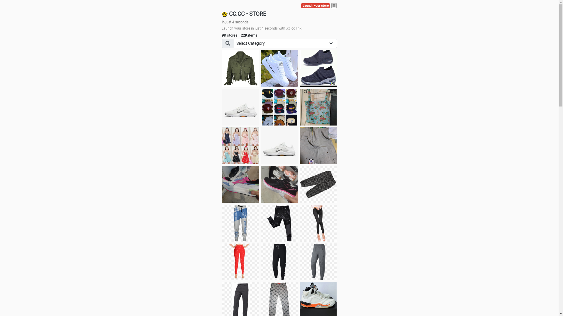 The width and height of the screenshot is (563, 316). Describe the element at coordinates (240, 184) in the screenshot. I see `'Zapatillas pumas'` at that location.